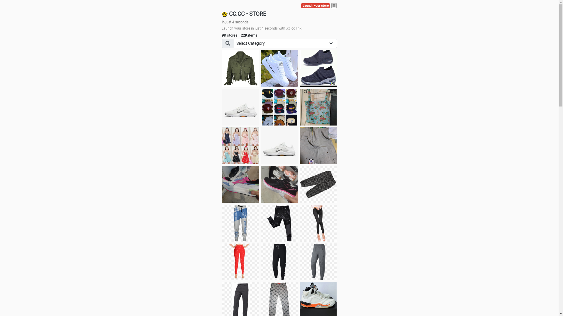 The width and height of the screenshot is (563, 316). Describe the element at coordinates (240, 184) in the screenshot. I see `'Zapatillas pumas'` at that location.